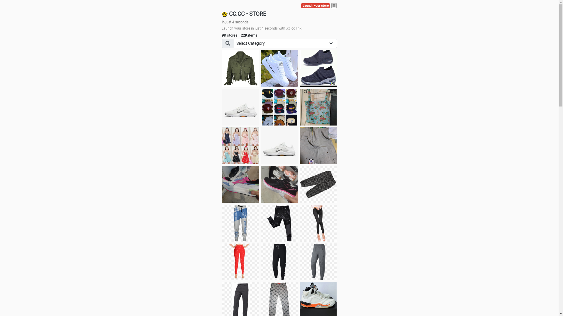 The width and height of the screenshot is (563, 316). Describe the element at coordinates (240, 184) in the screenshot. I see `'Zapatillas pumas'` at that location.